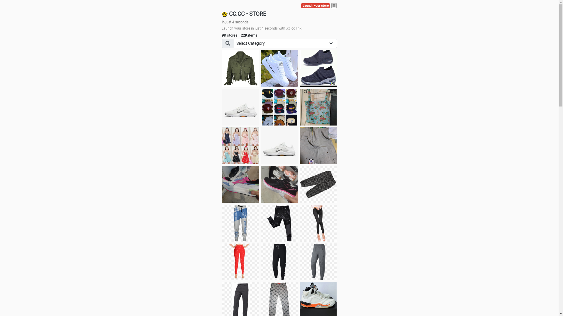 The width and height of the screenshot is (563, 316). Describe the element at coordinates (240, 184) in the screenshot. I see `'Zapatillas pumas'` at that location.